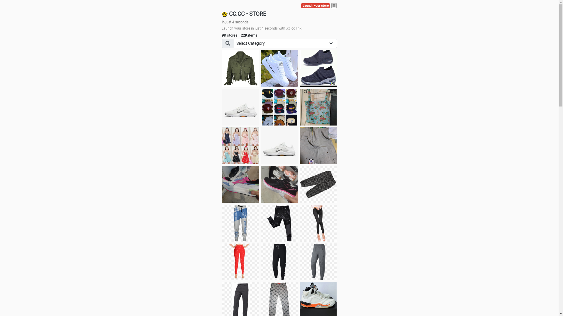 The width and height of the screenshot is (563, 316). Describe the element at coordinates (240, 184) in the screenshot. I see `'Zapatillas pumas'` at that location.